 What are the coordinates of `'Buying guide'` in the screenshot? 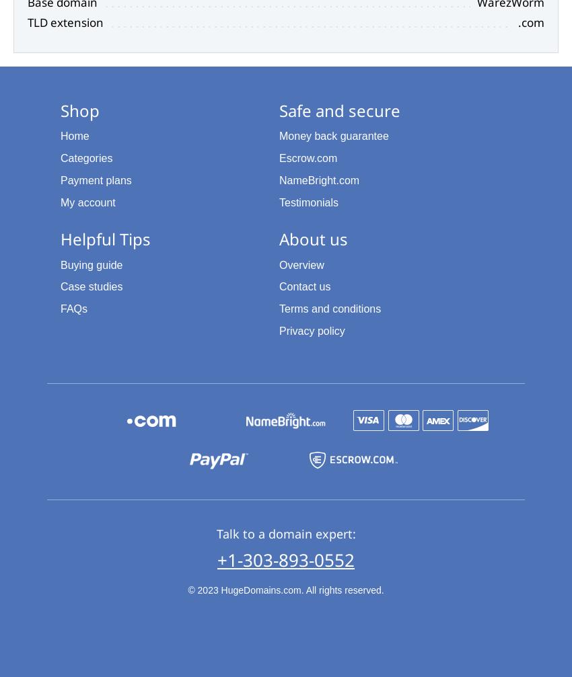 It's located at (60, 264).